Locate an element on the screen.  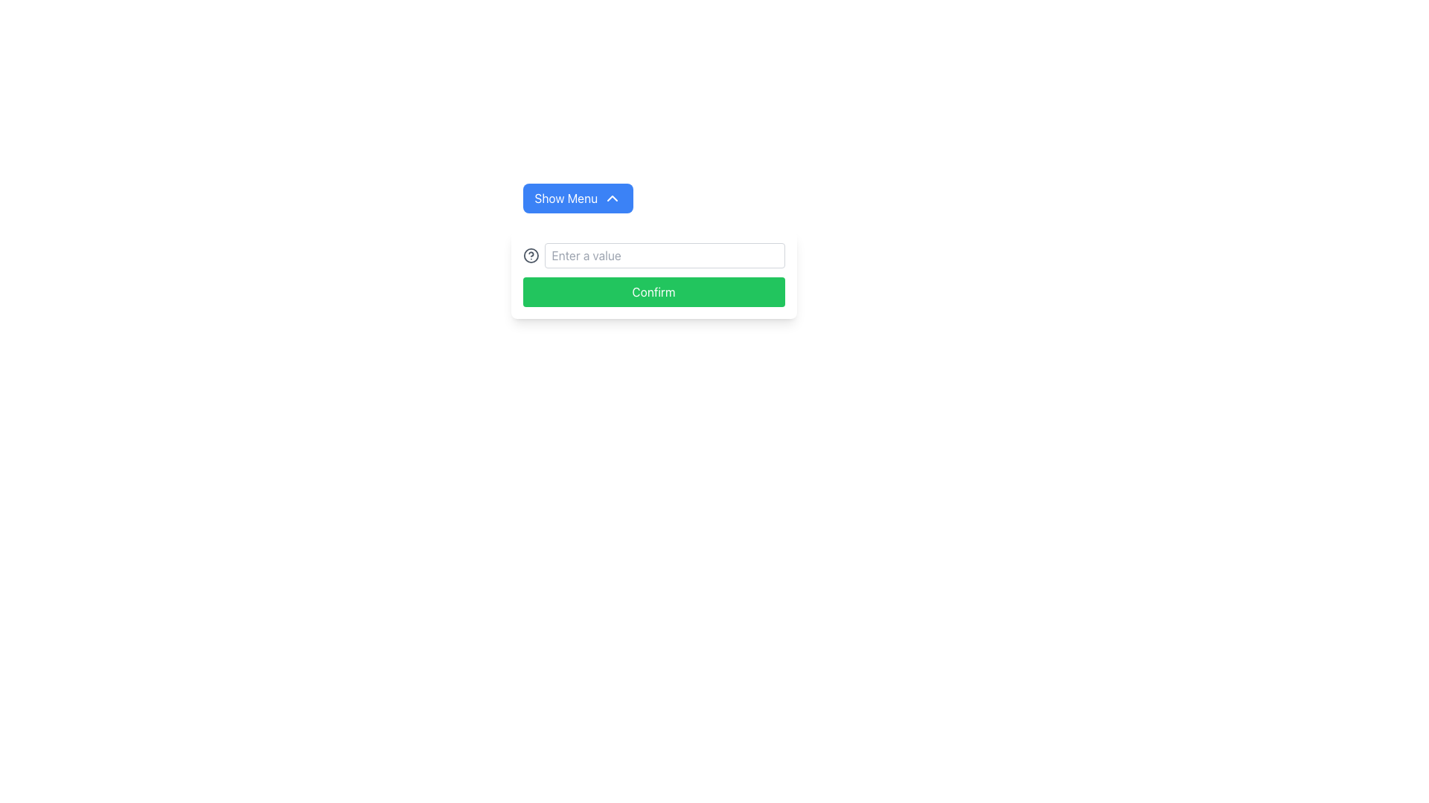
the circular outline icon located on the left side of the 'Enter a value' text input field is located at coordinates (531, 254).